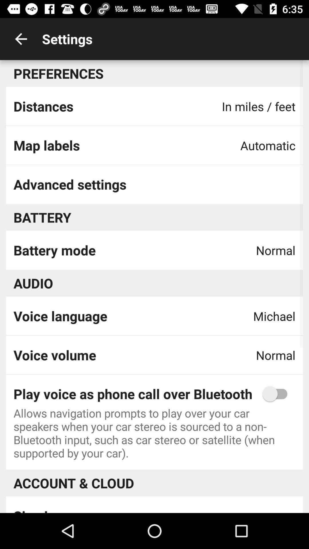 The width and height of the screenshot is (309, 549). Describe the element at coordinates (46, 145) in the screenshot. I see `app next to the automatic item` at that location.